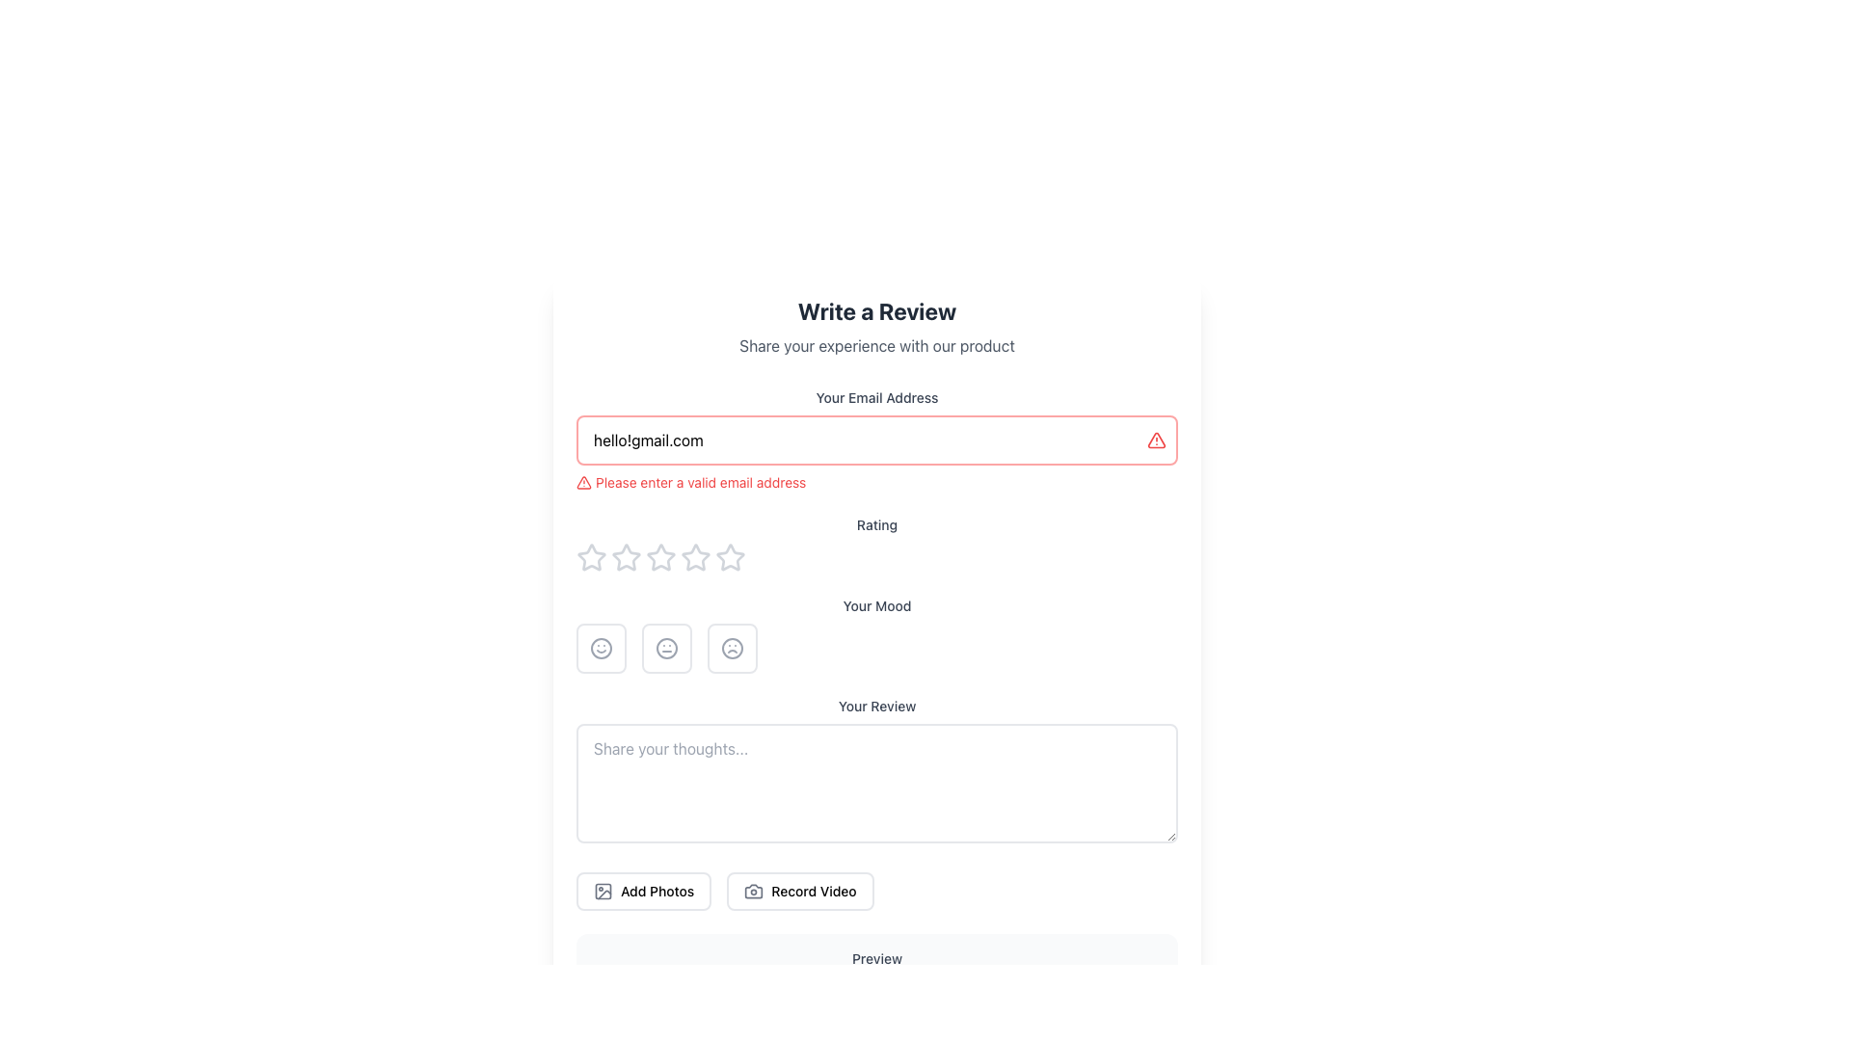 The width and height of the screenshot is (1851, 1041). What do you see at coordinates (591, 557) in the screenshot?
I see `the first star button in the horizontal row of five star icons under the 'Rating' label to rate the subject with one star` at bounding box center [591, 557].